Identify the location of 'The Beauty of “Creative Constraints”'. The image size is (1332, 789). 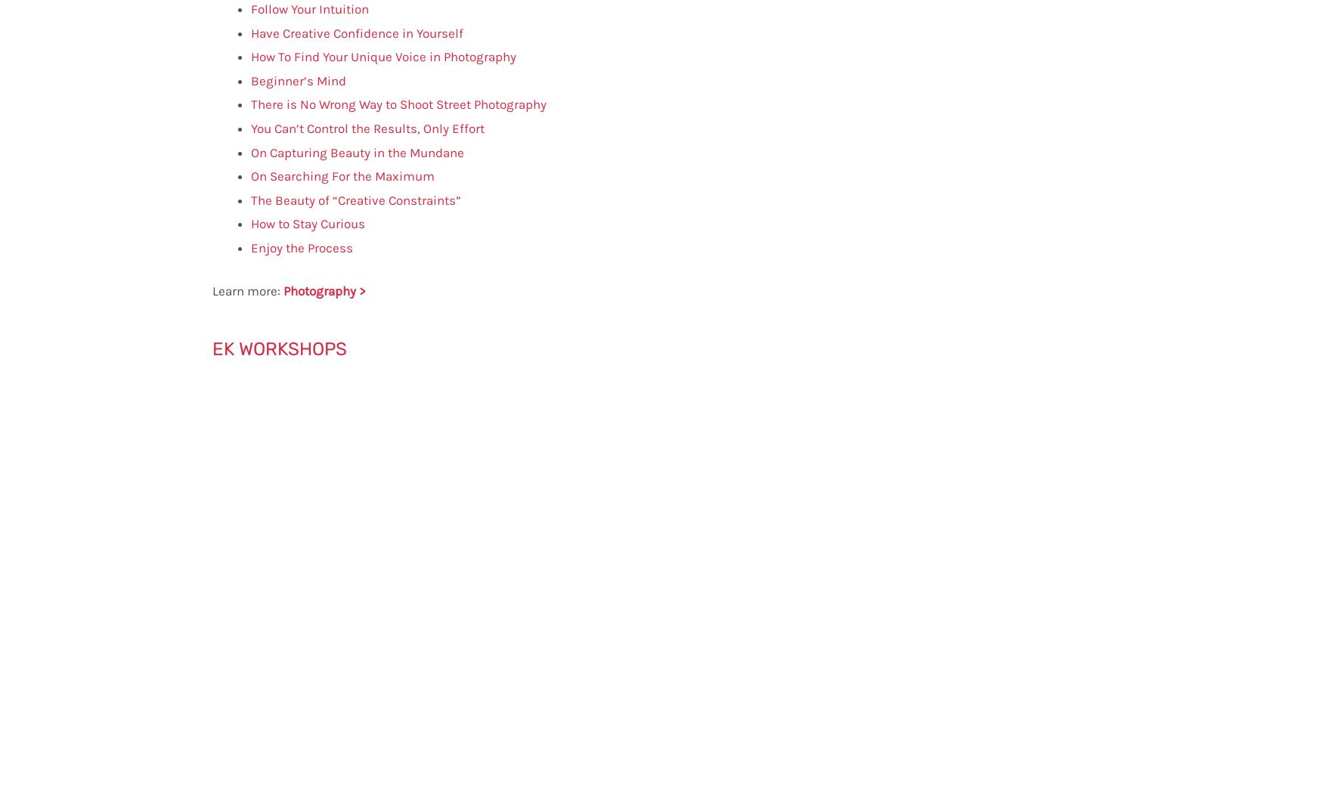
(355, 199).